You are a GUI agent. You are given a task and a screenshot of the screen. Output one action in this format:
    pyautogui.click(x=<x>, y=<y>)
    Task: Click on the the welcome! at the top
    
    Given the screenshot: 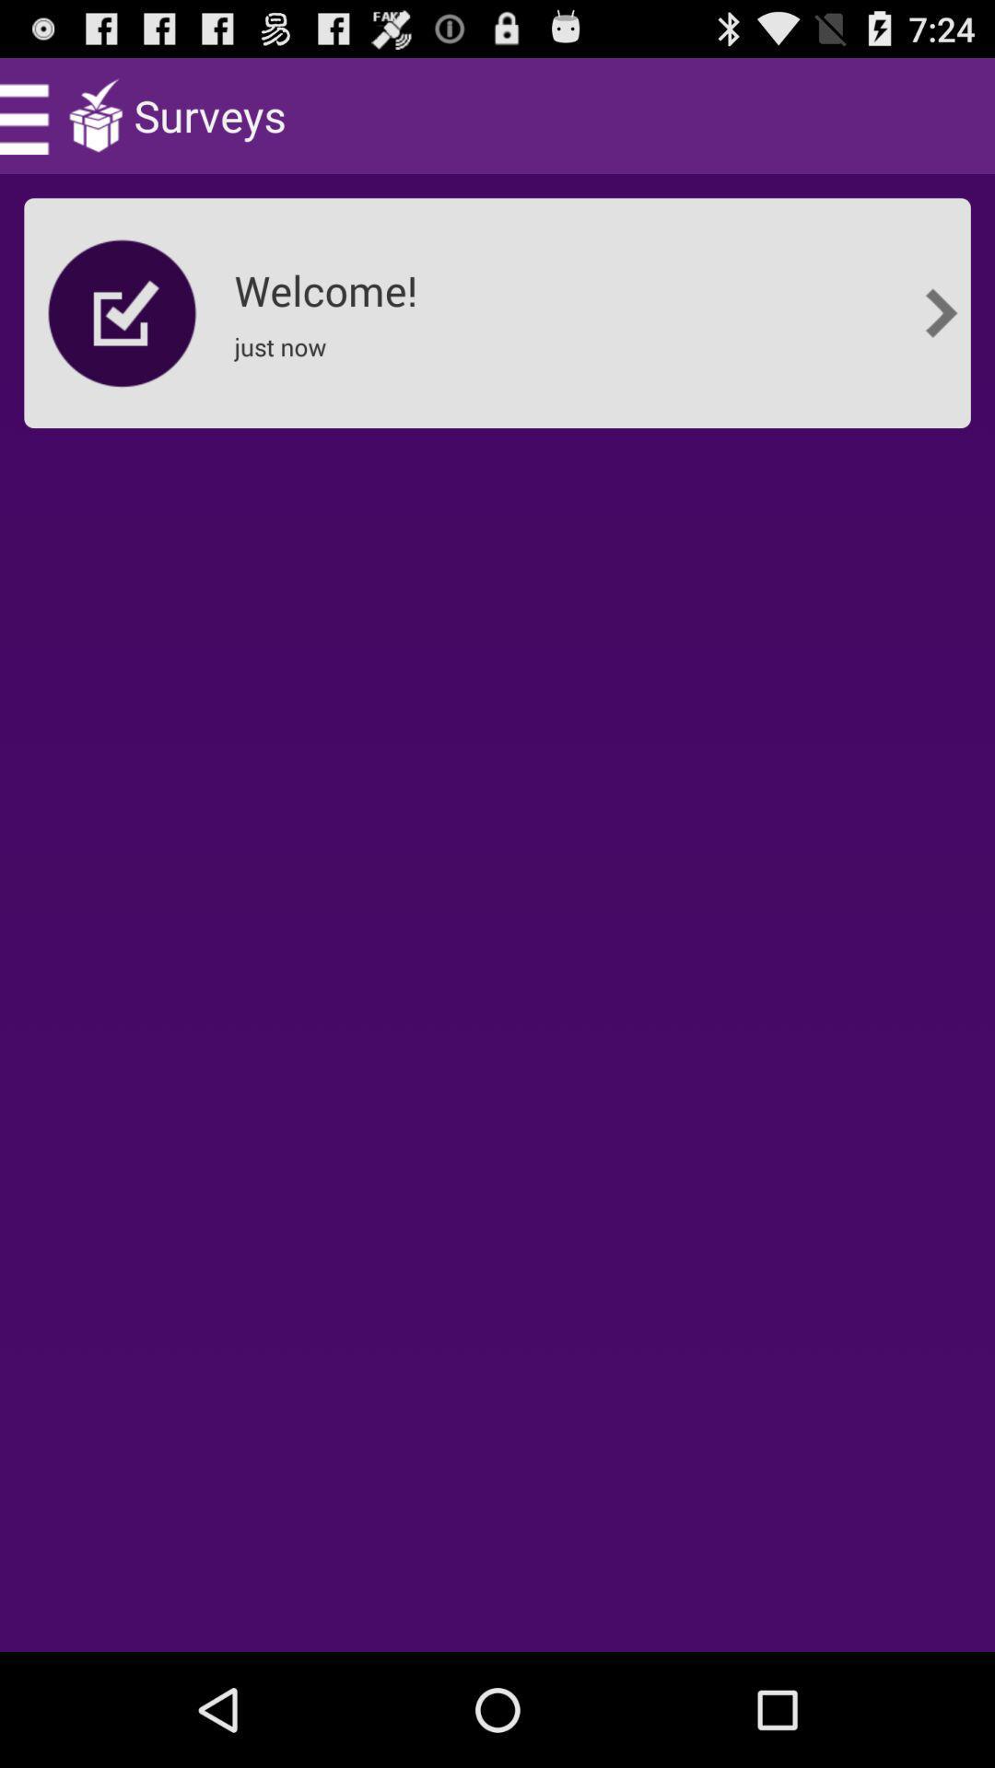 What is the action you would take?
    pyautogui.click(x=330, y=284)
    